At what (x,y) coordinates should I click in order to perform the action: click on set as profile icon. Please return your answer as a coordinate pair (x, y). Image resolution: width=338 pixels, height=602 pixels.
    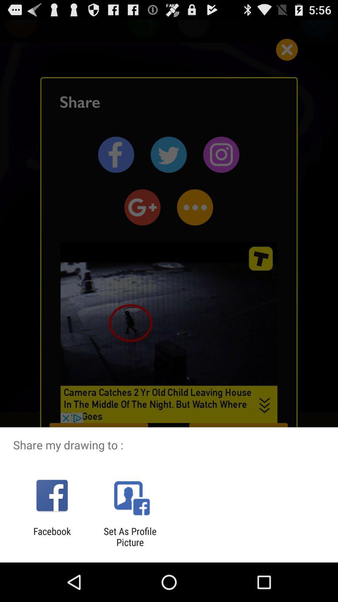
    Looking at the image, I should click on (130, 536).